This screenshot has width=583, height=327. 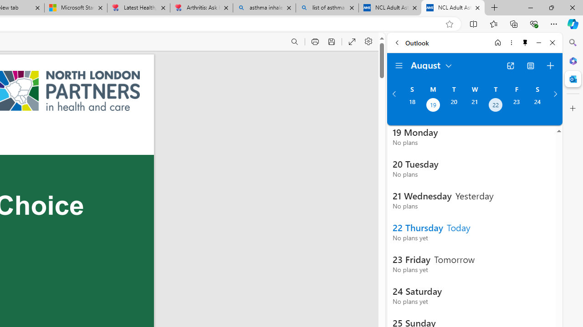 I want to click on 'Print (Ctrl+P)', so click(x=315, y=42).